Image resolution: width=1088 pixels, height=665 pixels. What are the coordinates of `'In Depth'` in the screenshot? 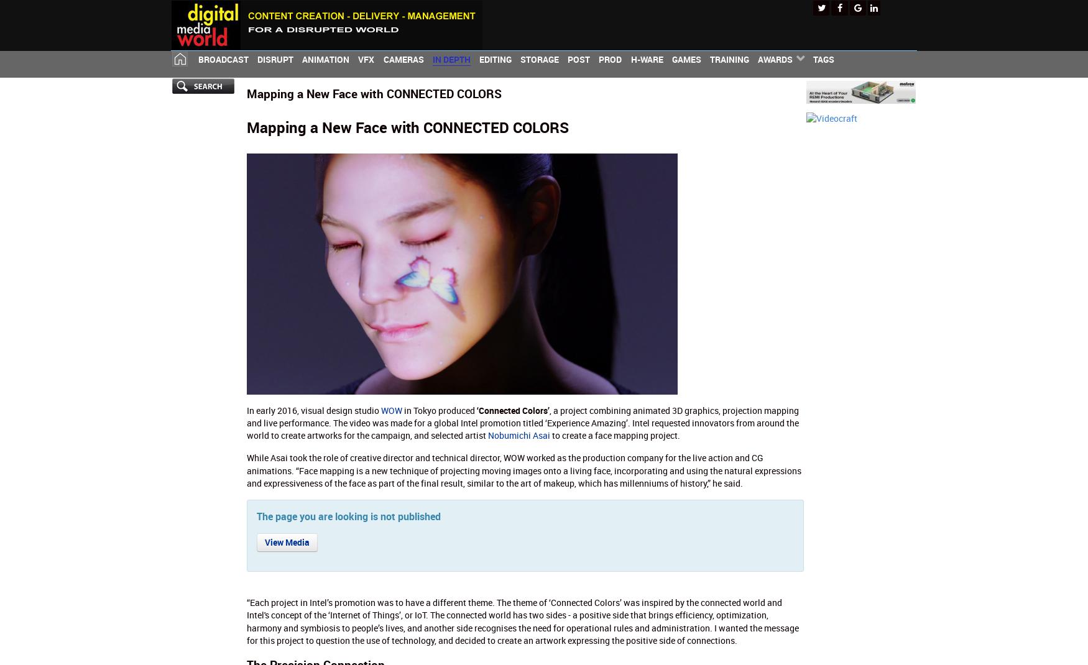 It's located at (451, 58).